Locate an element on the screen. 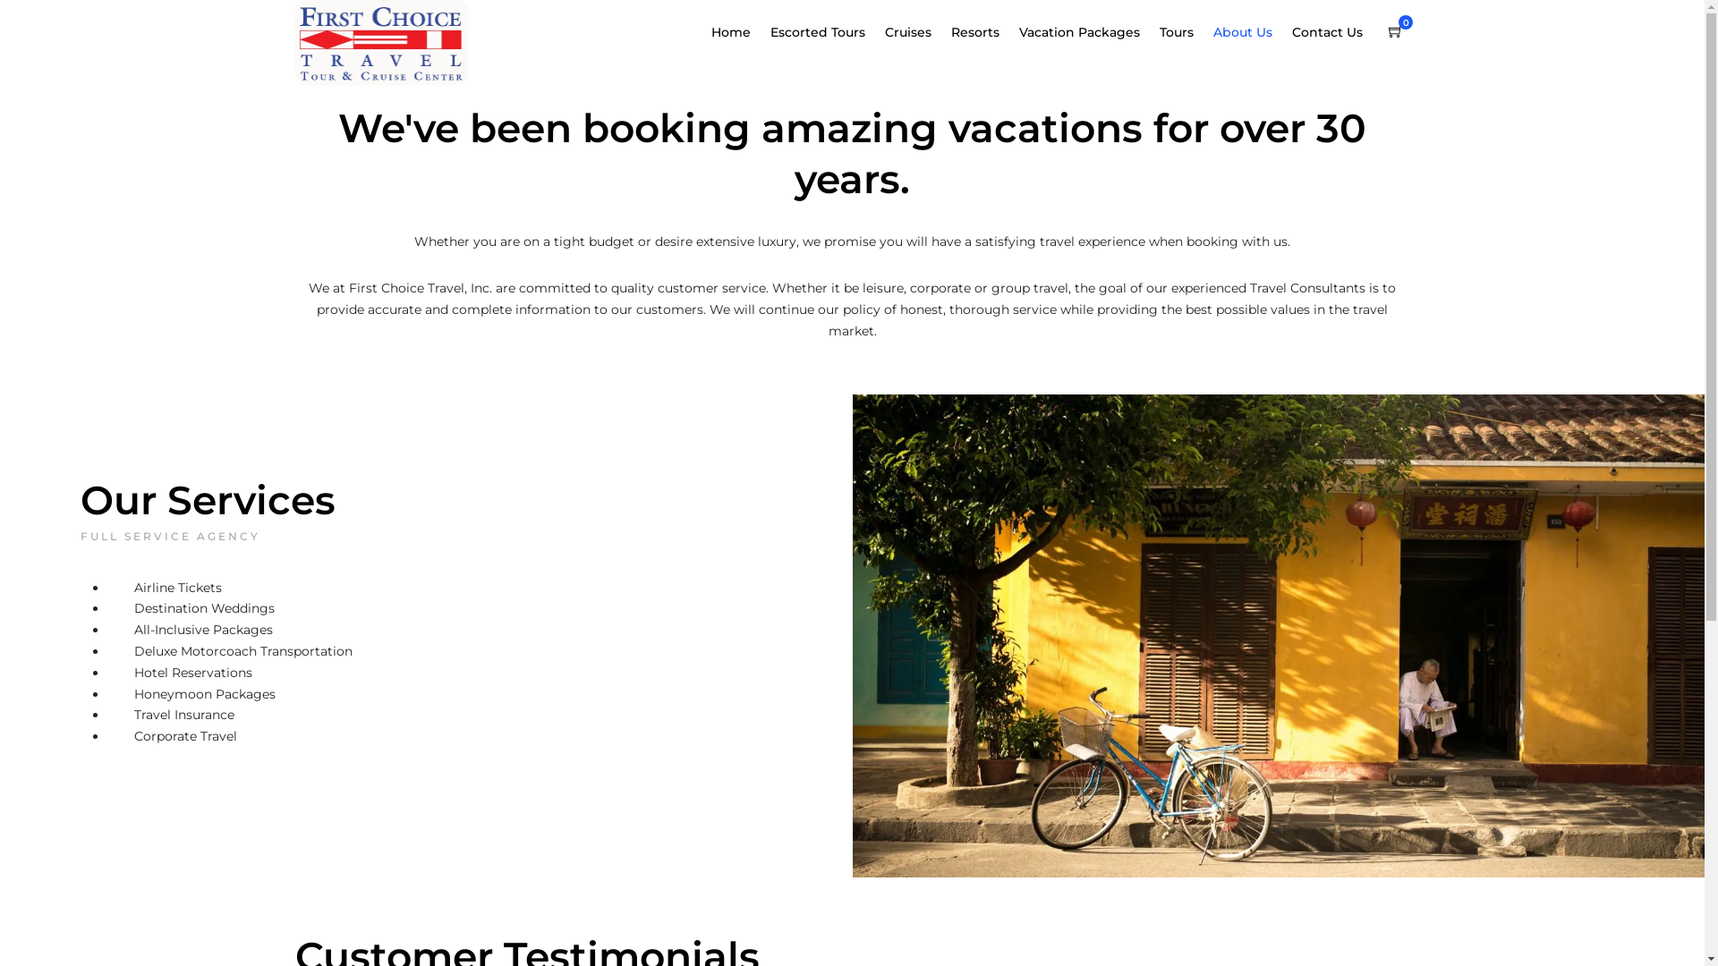  'Tours' is located at coordinates (1184, 33).